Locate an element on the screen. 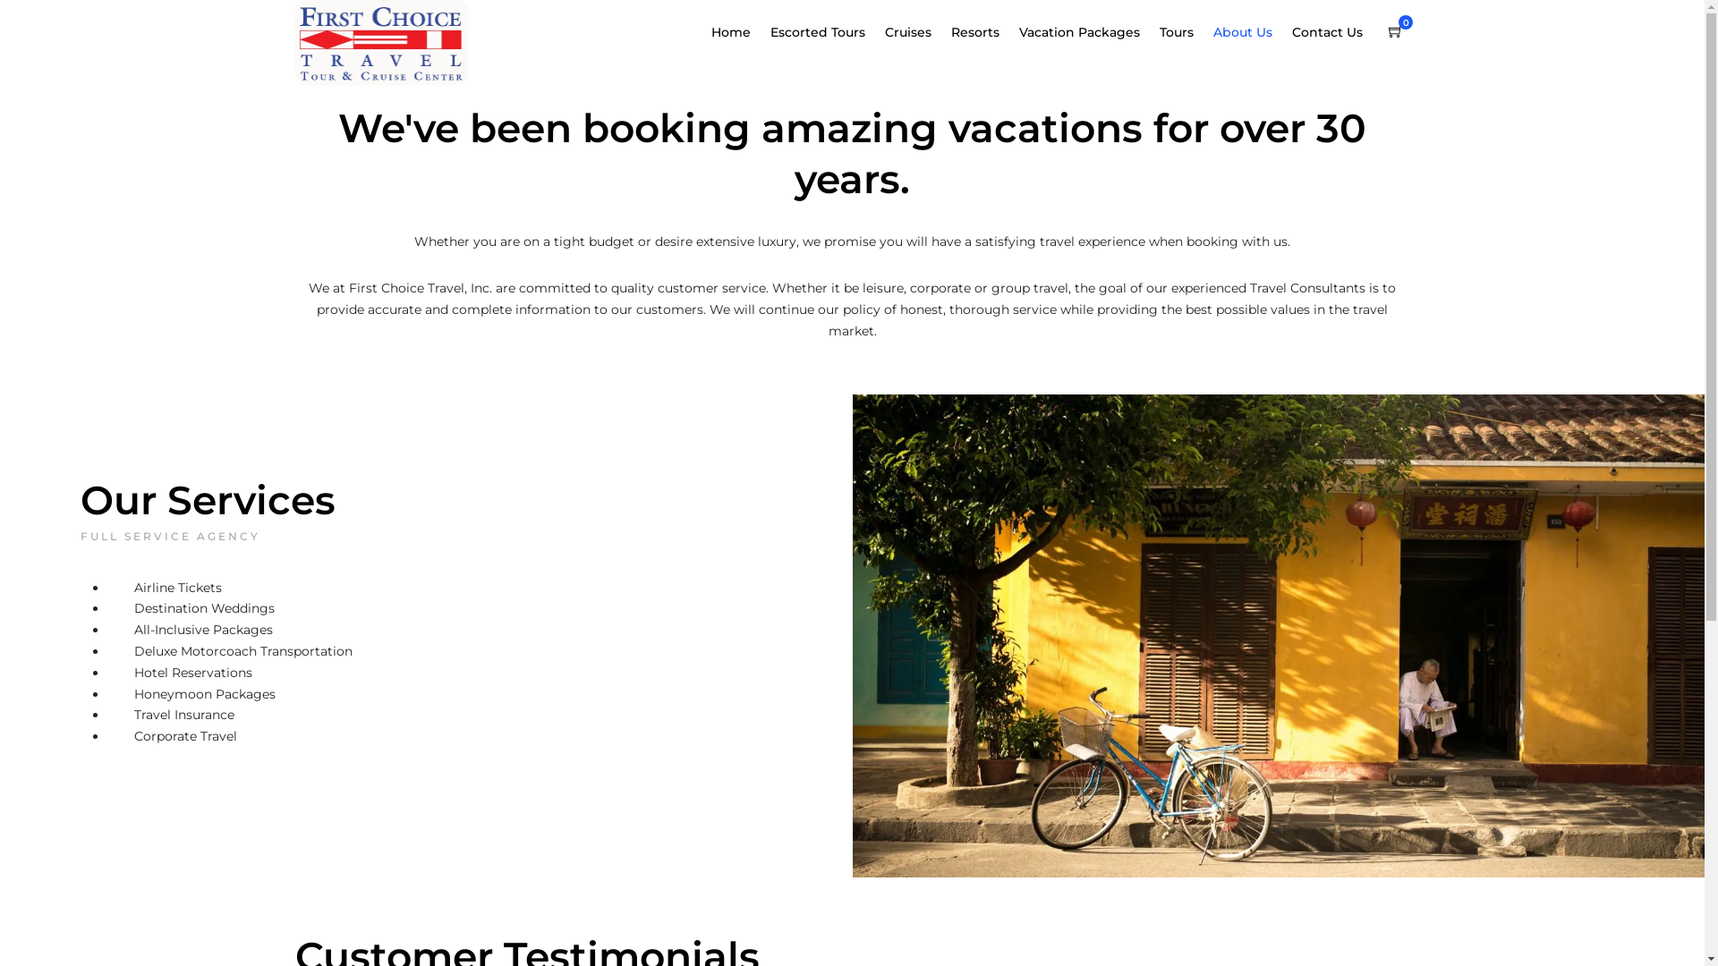  'Tours' is located at coordinates (1184, 33).